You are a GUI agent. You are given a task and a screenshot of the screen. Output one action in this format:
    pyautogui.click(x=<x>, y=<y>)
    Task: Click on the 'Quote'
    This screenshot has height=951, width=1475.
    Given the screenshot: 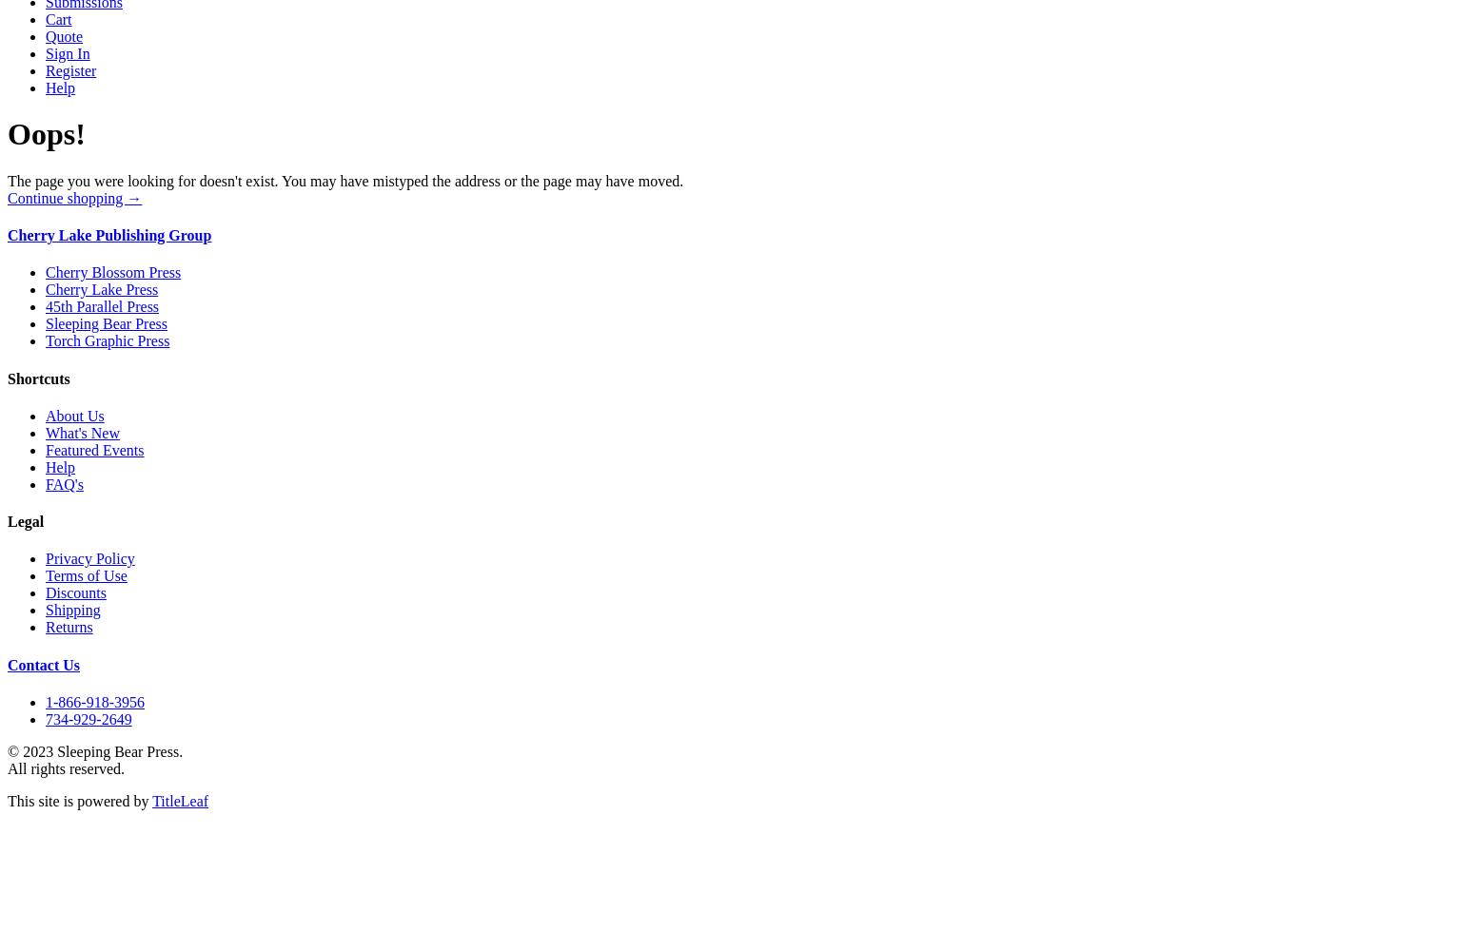 What is the action you would take?
    pyautogui.click(x=45, y=35)
    